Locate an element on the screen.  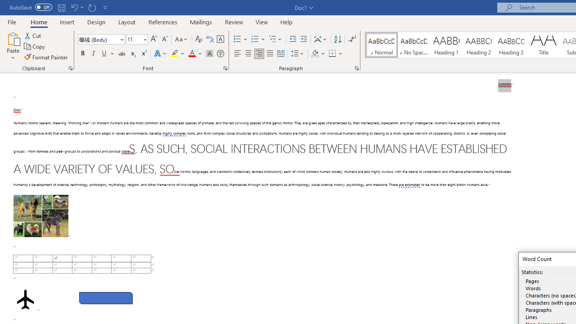
'Rectangle: Diagonal Corners Snipped 2' is located at coordinates (106, 298).